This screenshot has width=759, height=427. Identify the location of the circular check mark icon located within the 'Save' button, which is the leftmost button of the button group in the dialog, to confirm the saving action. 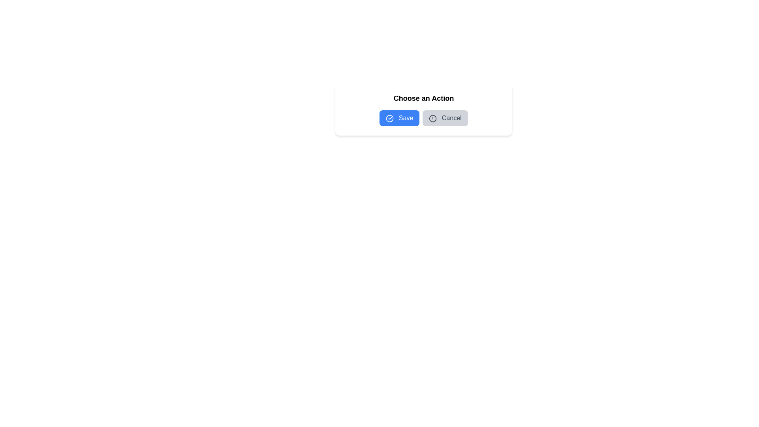
(390, 118).